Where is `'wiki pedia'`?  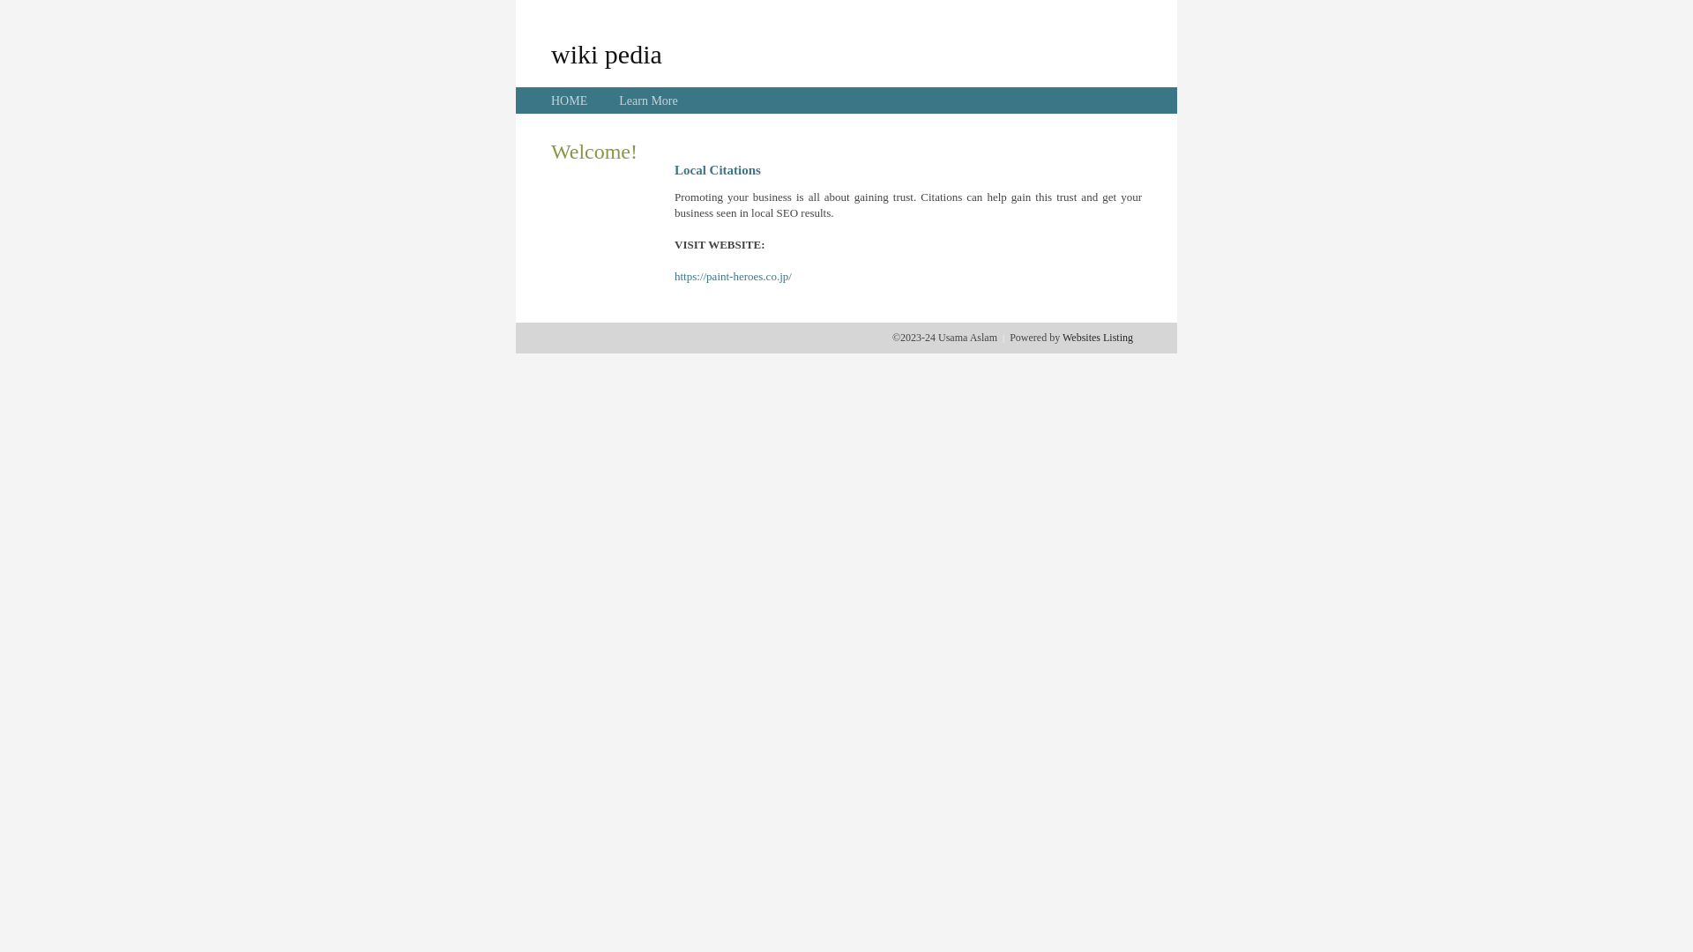
'wiki pedia' is located at coordinates (606, 53).